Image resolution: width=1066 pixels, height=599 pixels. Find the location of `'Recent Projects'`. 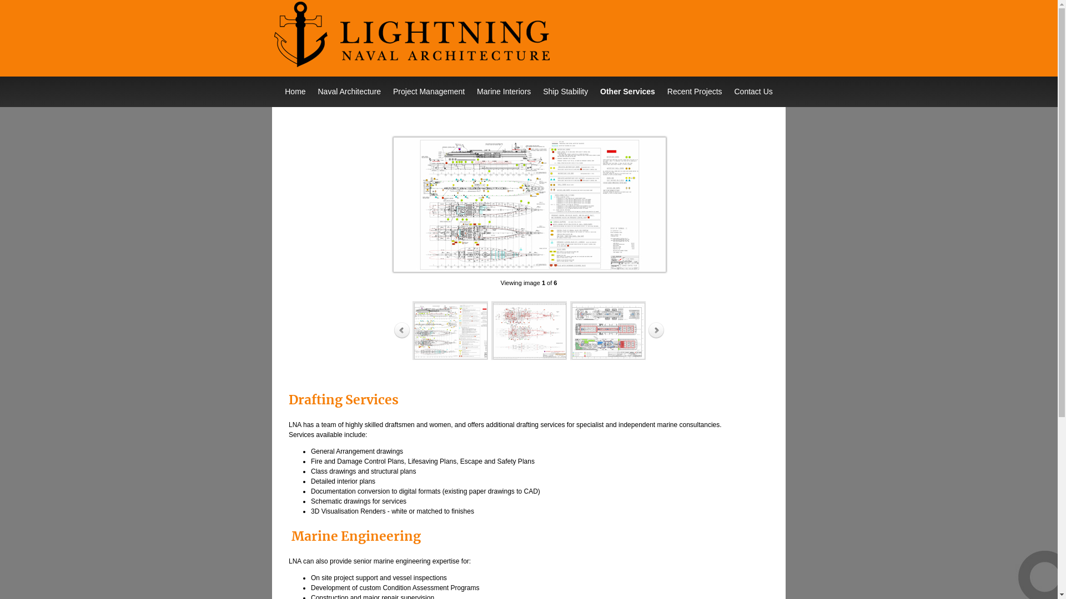

'Recent Projects' is located at coordinates (694, 91).